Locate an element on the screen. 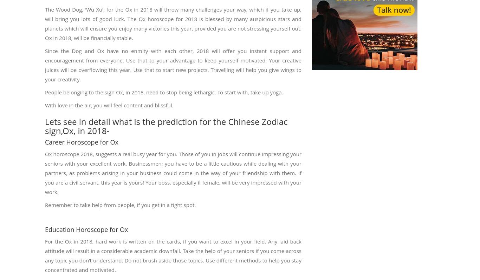 The width and height of the screenshot is (480, 280). 'Lets see in detail what is the prediction for the Chinese Zodiac sign,Ox, in 2018-' is located at coordinates (166, 126).